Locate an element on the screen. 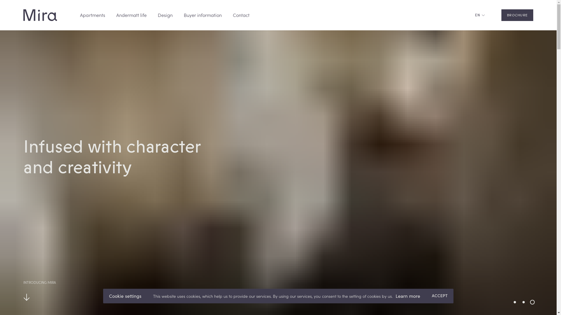  'Buyer information' is located at coordinates (203, 15).